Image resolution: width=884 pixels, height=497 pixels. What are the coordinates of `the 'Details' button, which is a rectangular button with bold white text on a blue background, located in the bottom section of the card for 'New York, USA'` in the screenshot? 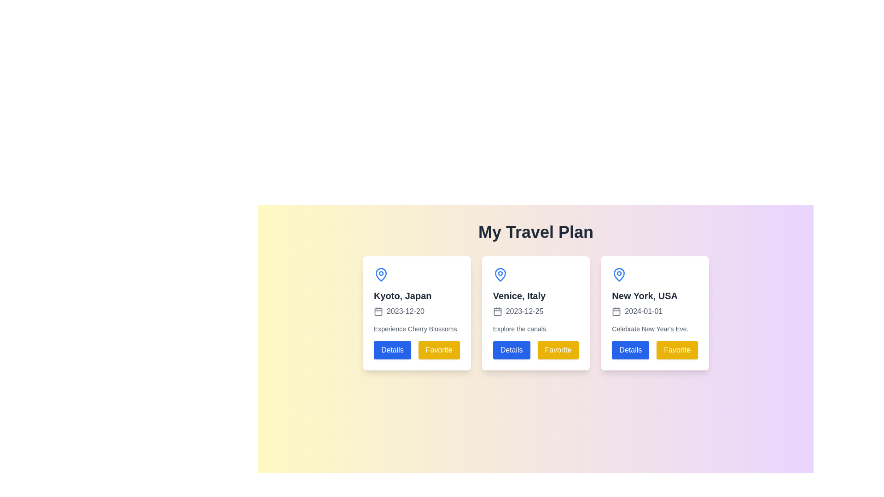 It's located at (630, 350).